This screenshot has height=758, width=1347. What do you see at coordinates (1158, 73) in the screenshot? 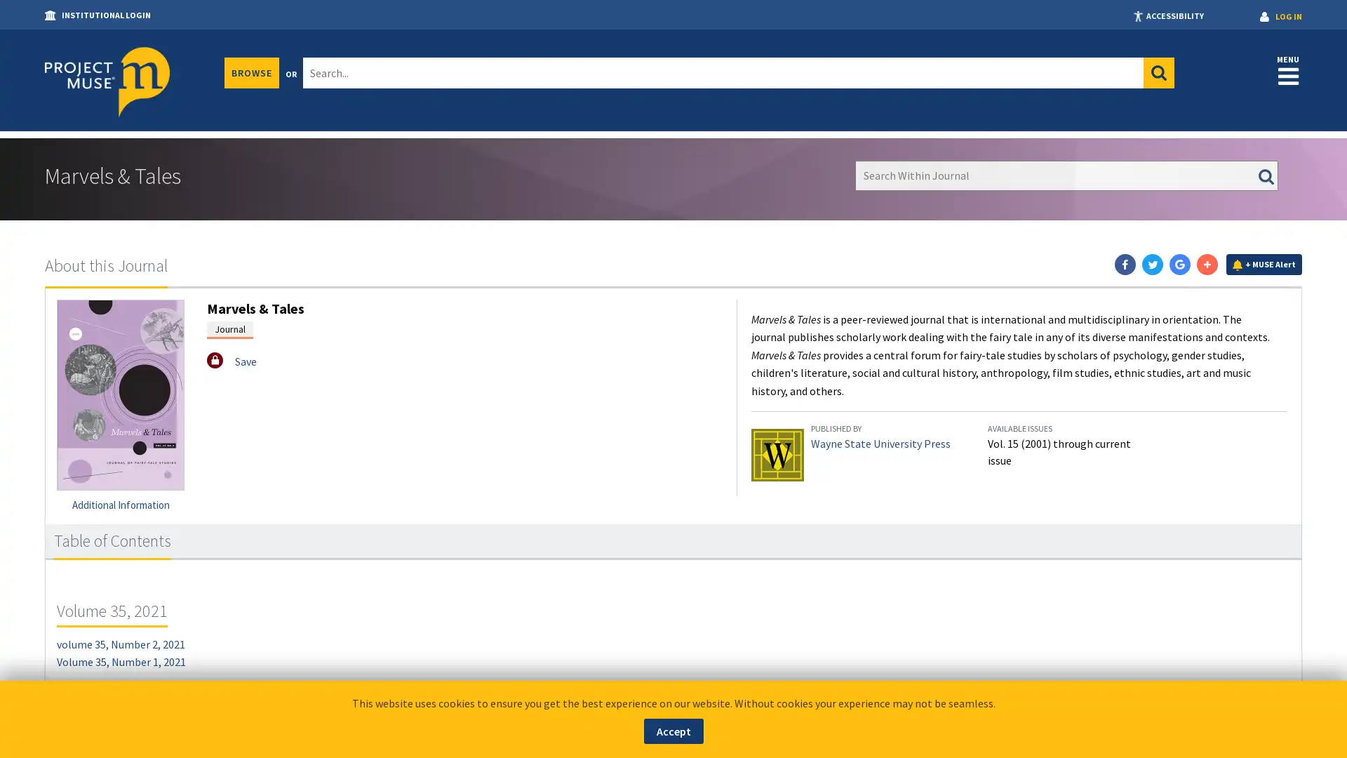
I see `Search icon` at bounding box center [1158, 73].